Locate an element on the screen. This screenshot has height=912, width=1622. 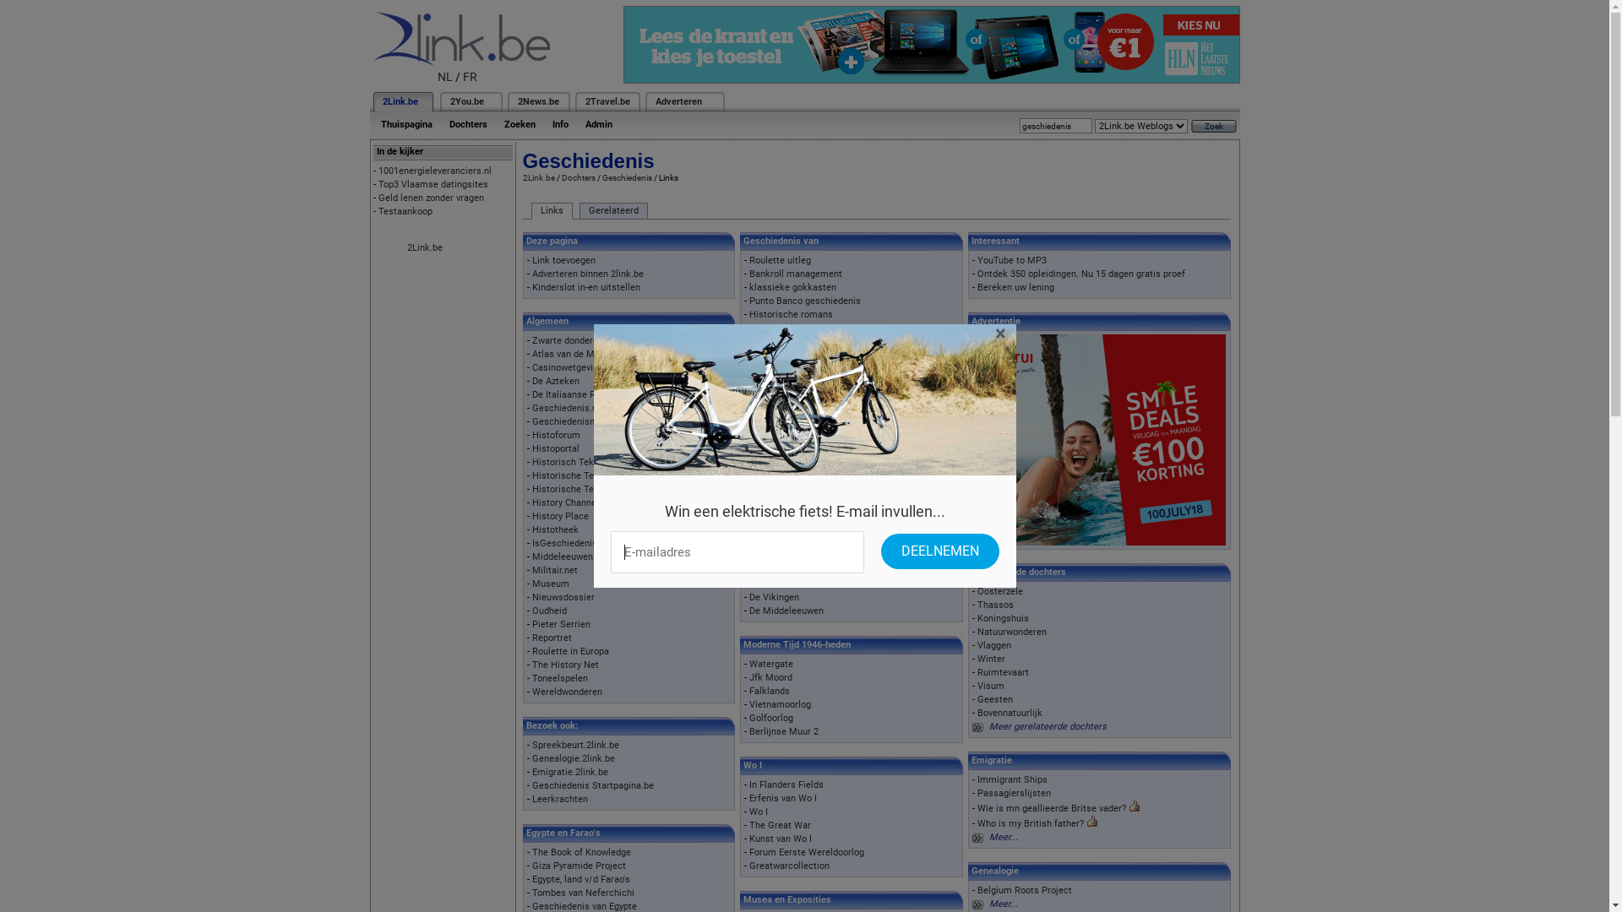
'Oosterzele' is located at coordinates (977, 590).